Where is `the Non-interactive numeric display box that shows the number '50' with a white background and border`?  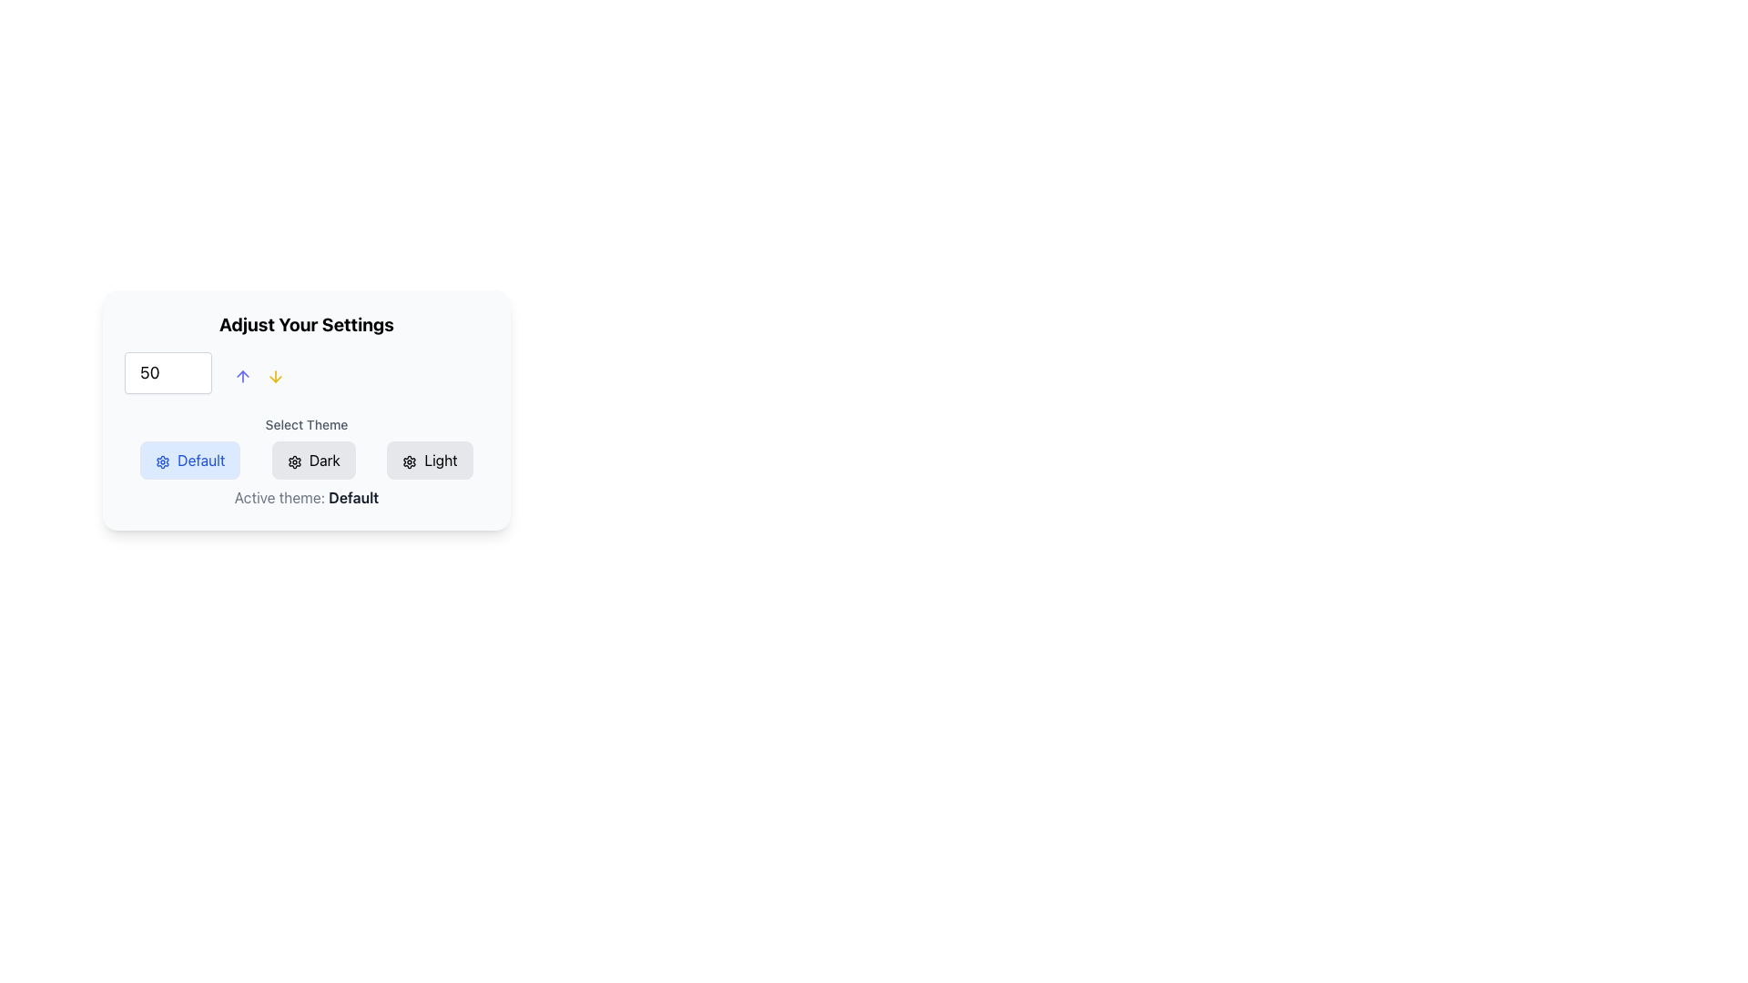 the Non-interactive numeric display box that shows the number '50' with a white background and border is located at coordinates (168, 371).